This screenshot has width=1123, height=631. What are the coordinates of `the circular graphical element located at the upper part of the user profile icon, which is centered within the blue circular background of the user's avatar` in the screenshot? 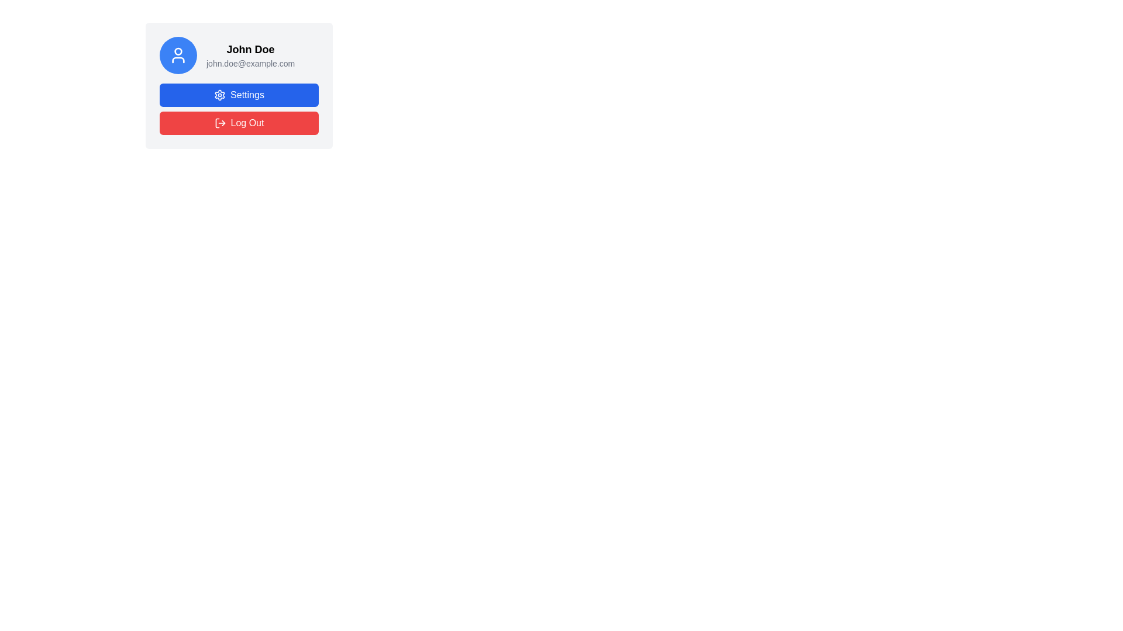 It's located at (178, 51).